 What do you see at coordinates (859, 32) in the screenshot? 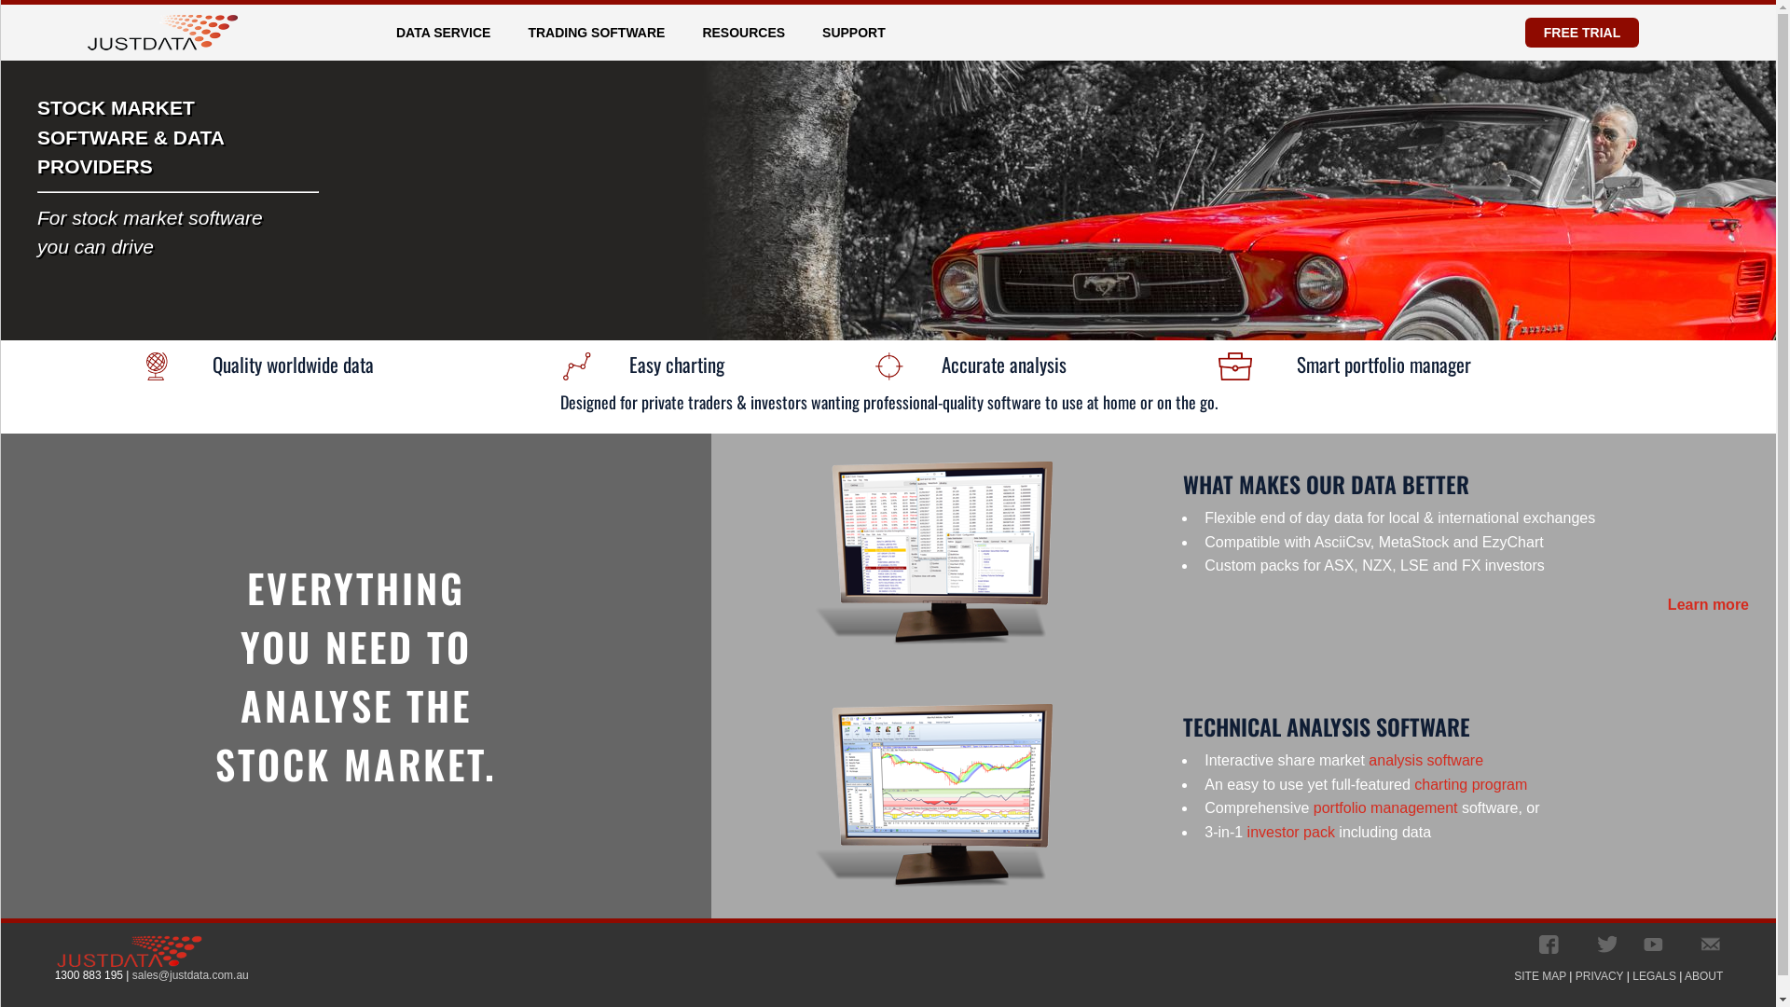
I see `'SUPPORT'` at bounding box center [859, 32].